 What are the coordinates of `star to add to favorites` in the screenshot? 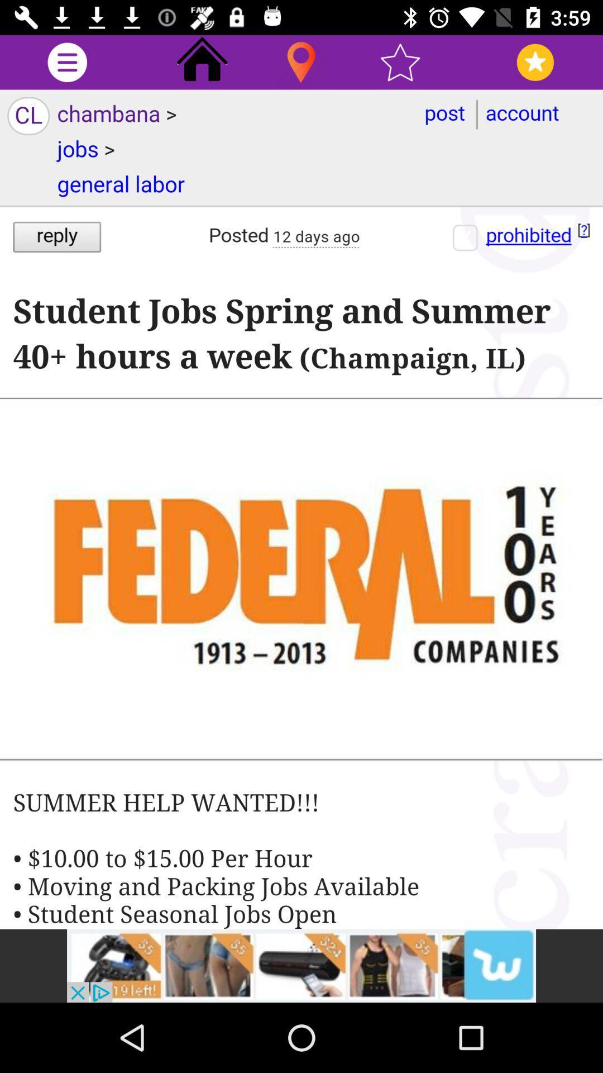 It's located at (400, 61).